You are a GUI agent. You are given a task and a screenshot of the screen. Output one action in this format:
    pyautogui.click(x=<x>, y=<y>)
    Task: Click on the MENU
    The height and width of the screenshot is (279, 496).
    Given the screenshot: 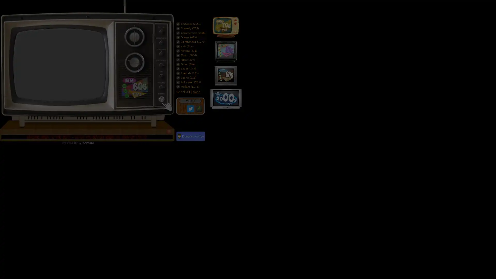 What is the action you would take?
    pyautogui.click(x=190, y=101)
    